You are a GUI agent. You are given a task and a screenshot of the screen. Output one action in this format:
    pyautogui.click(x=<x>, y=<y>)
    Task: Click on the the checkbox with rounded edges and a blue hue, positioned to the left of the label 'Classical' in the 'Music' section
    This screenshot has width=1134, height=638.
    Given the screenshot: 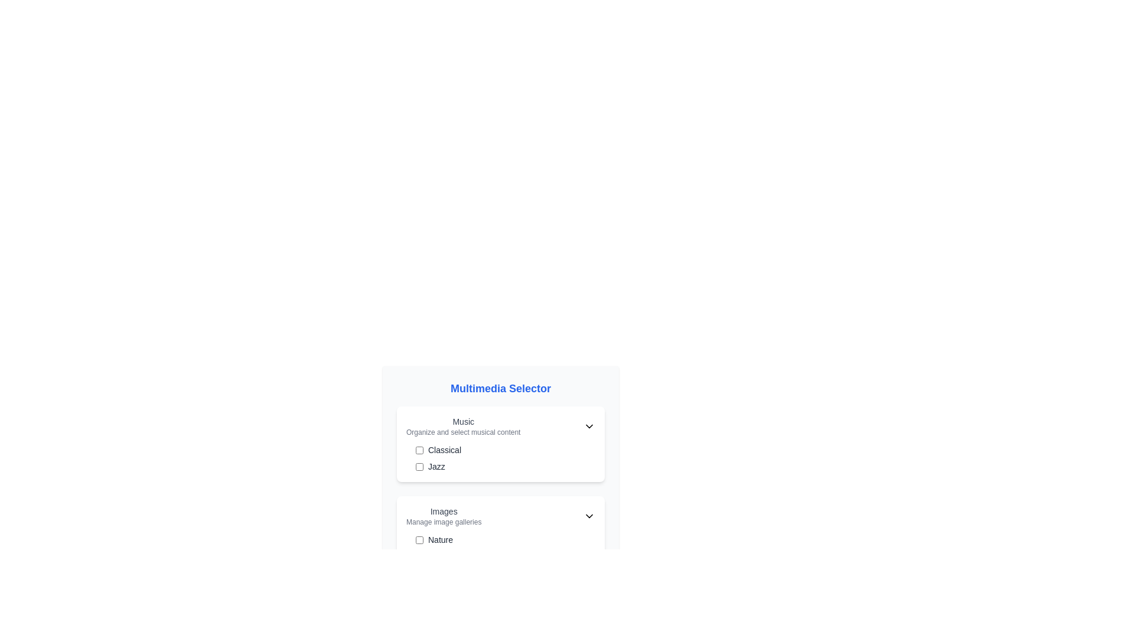 What is the action you would take?
    pyautogui.click(x=419, y=450)
    